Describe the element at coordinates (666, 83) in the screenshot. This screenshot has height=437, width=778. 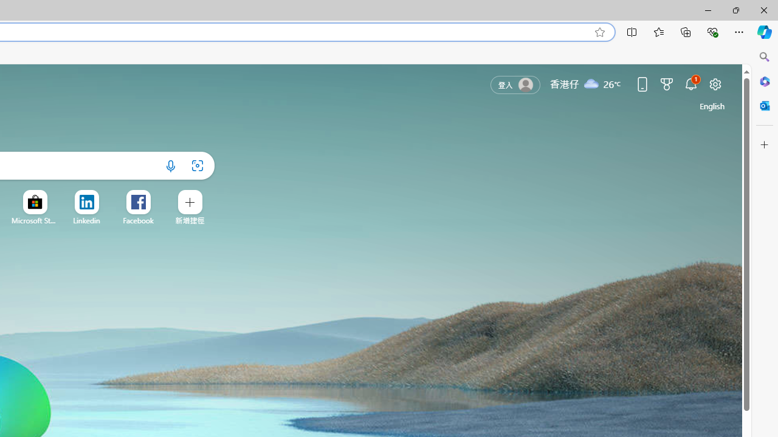
I see `'Microsoft Rewards'` at that location.